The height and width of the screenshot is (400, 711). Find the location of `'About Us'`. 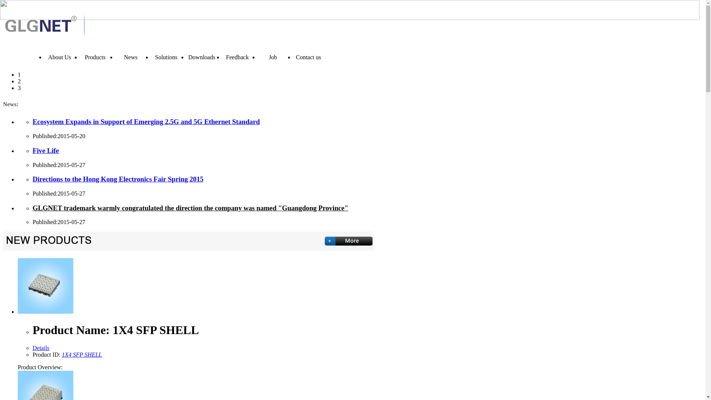

'About Us' is located at coordinates (60, 57).